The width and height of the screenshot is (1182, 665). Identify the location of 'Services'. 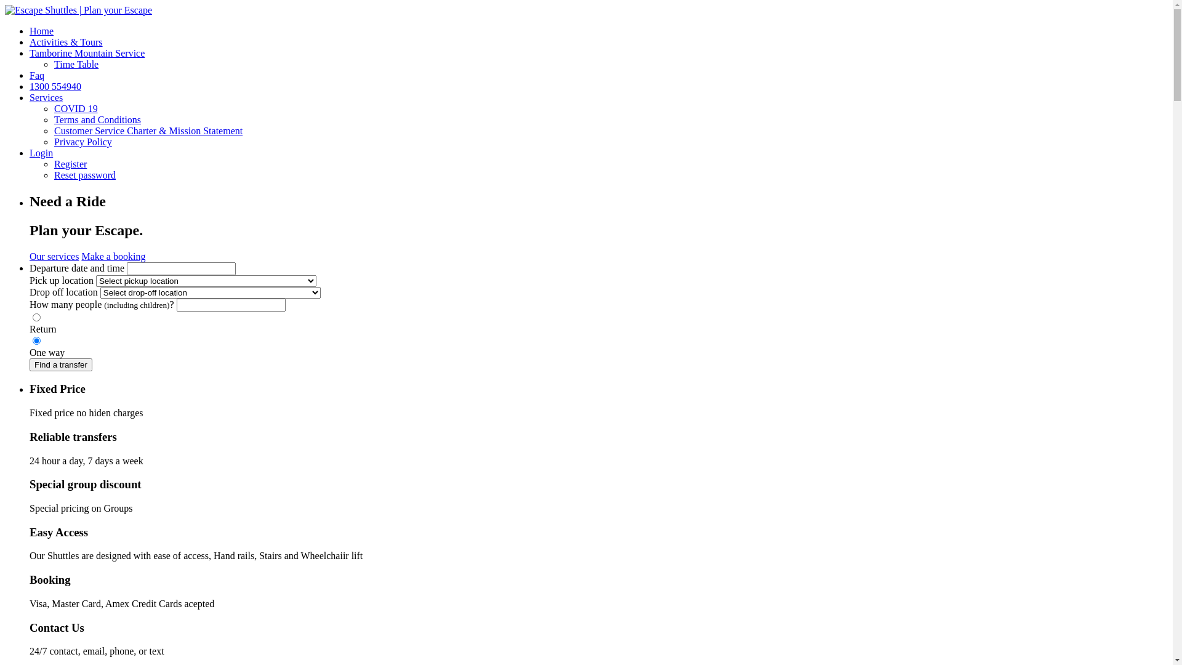
(30, 97).